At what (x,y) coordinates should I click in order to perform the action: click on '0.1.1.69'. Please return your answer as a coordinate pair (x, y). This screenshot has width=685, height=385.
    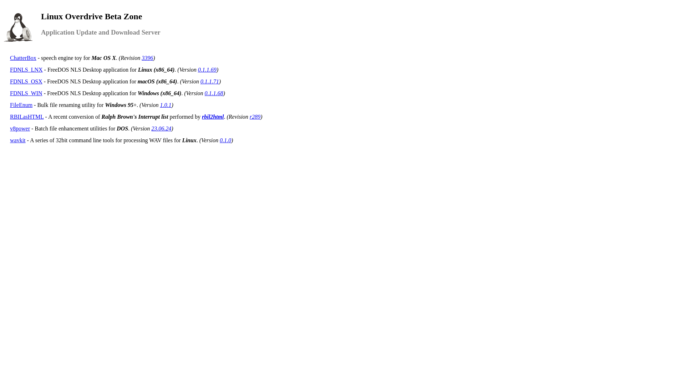
    Looking at the image, I should click on (198, 70).